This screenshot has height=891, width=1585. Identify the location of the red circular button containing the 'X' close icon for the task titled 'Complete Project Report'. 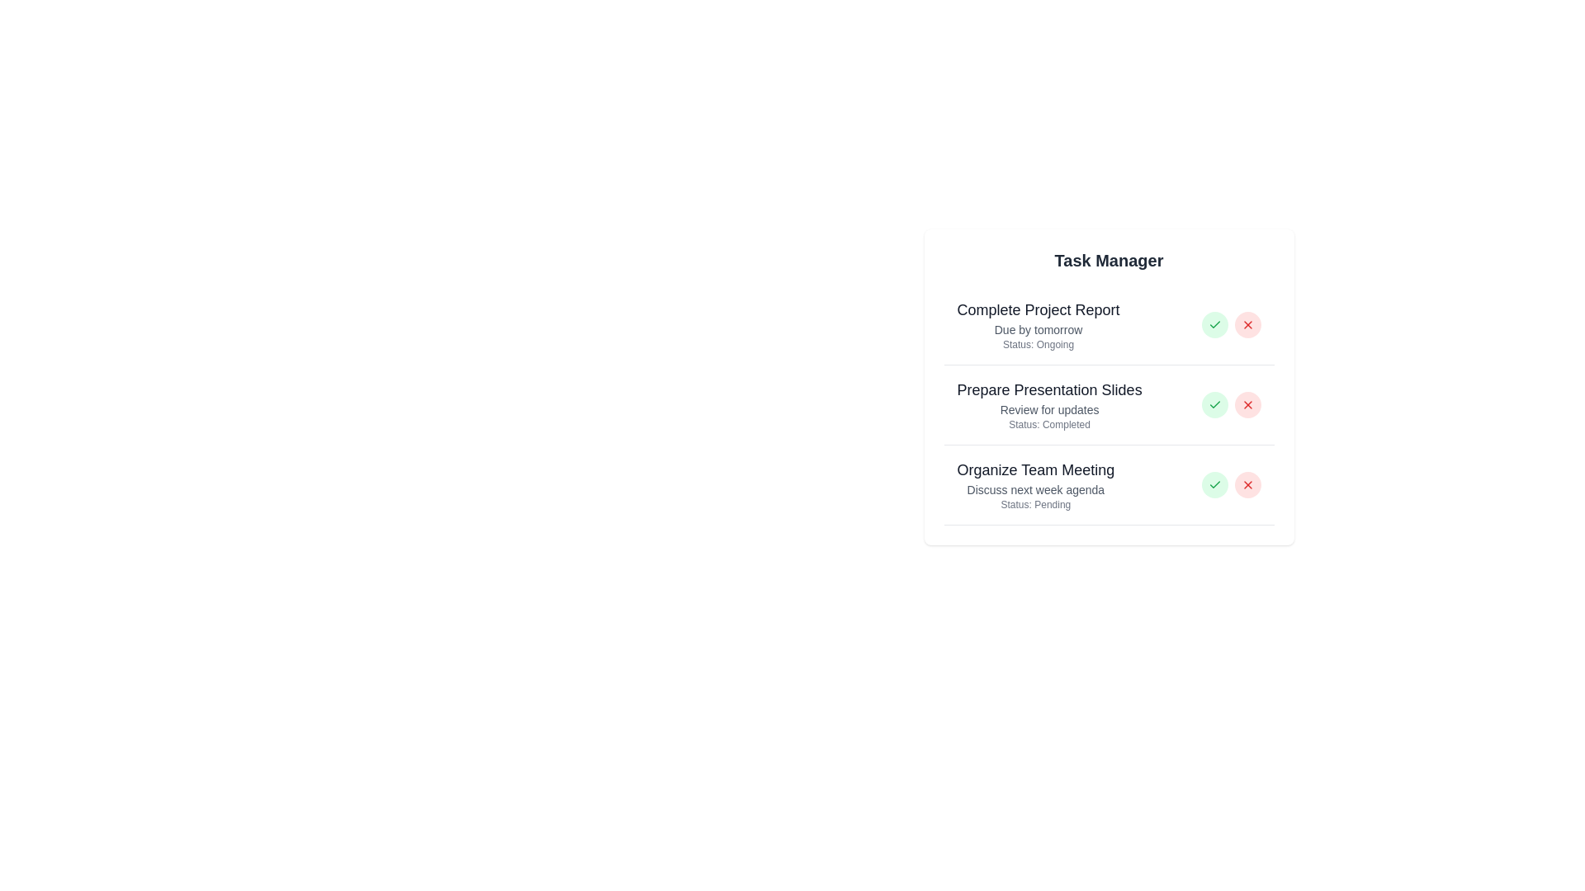
(1247, 324).